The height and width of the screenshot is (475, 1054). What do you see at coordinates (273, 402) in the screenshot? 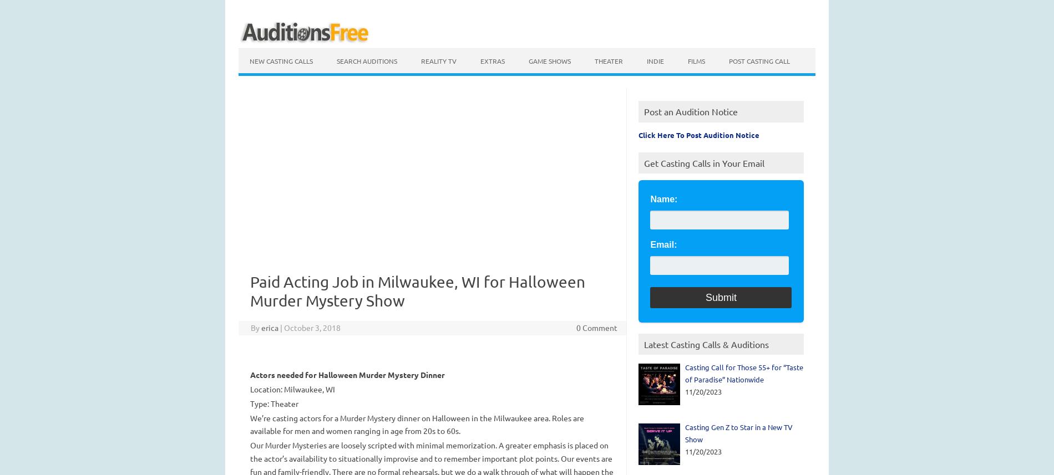
I see `'Type: Theater'` at bounding box center [273, 402].